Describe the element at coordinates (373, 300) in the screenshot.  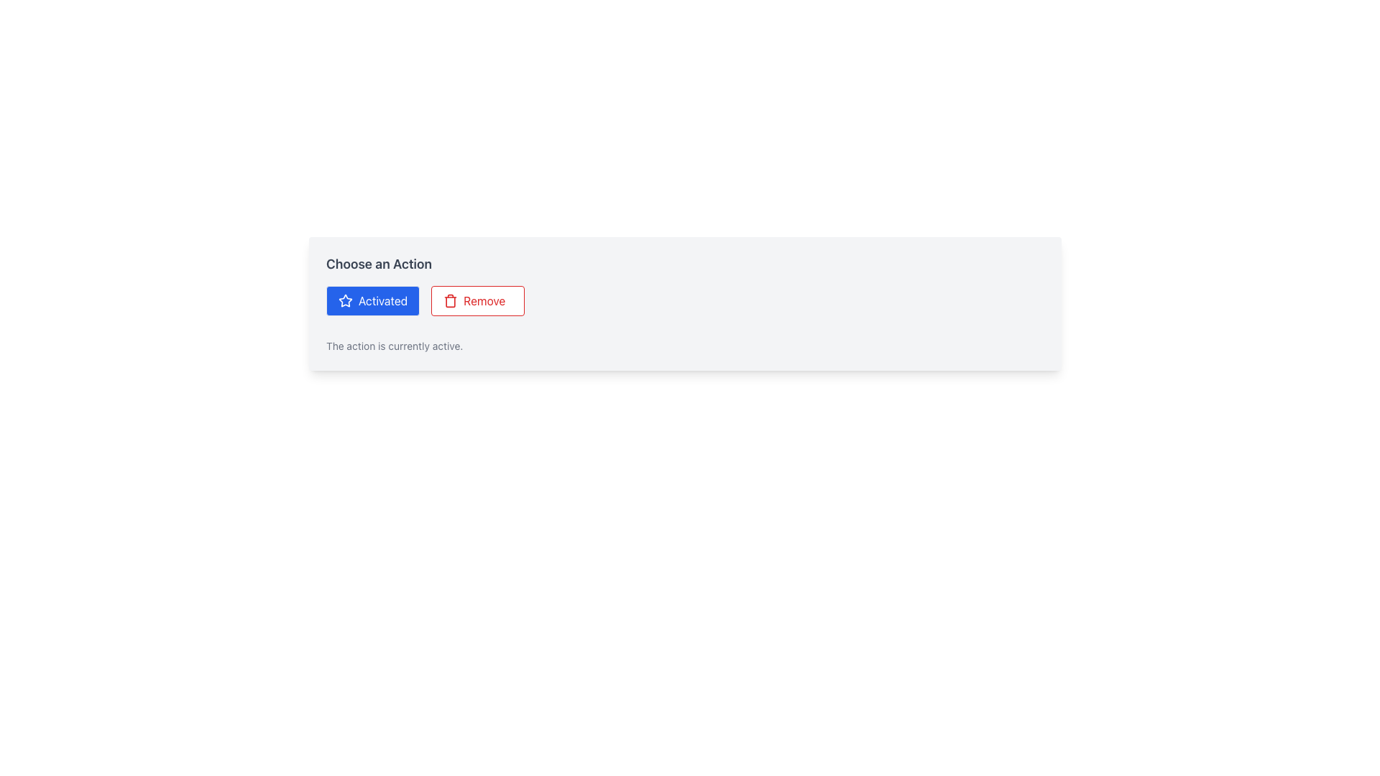
I see `the 'Activated' button, which is a rectangular button with a blue background and white text, located under the 'Choose an Action' label` at that location.